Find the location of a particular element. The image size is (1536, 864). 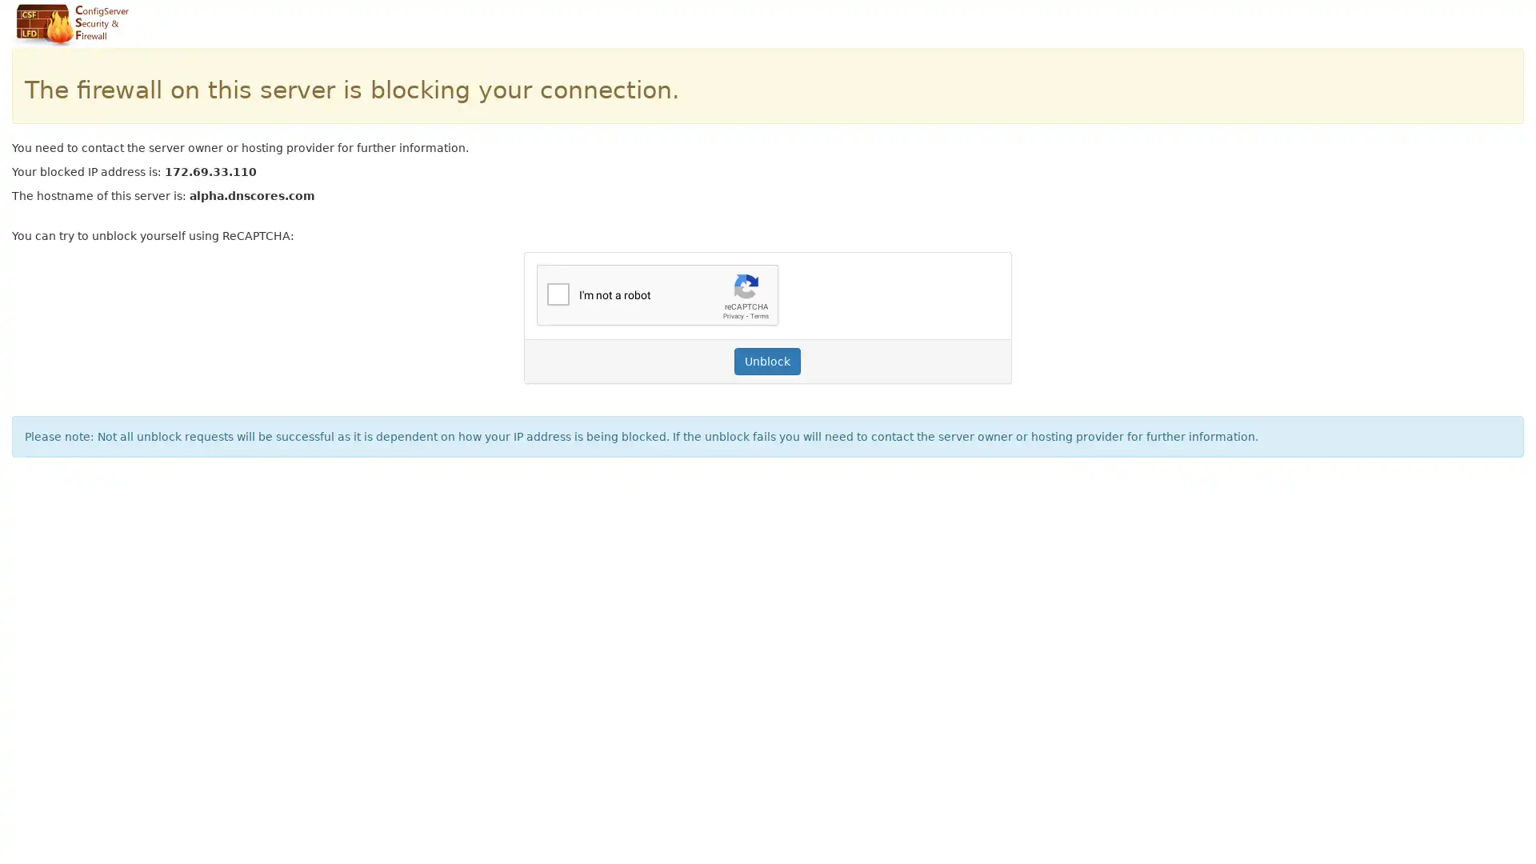

Unblock is located at coordinates (766, 361).